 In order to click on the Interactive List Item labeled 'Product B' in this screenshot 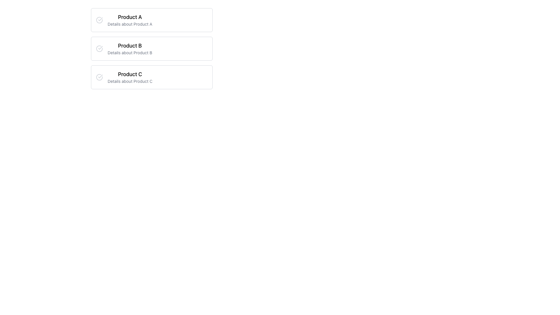, I will do `click(152, 48)`.